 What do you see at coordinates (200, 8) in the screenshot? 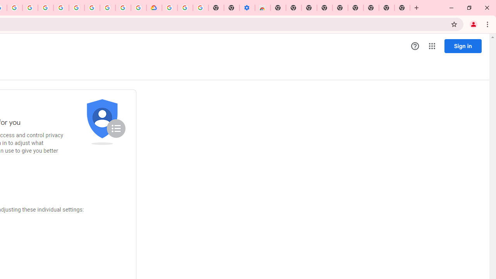
I see `'Turn cookies on or off - Computer - Google Account Help'` at bounding box center [200, 8].